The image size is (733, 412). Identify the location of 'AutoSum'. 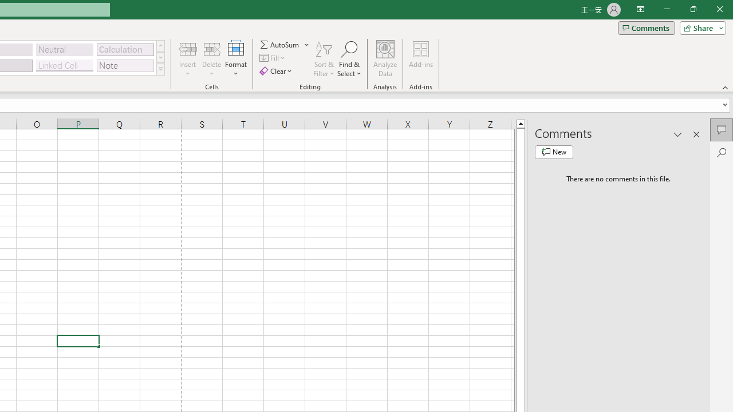
(285, 44).